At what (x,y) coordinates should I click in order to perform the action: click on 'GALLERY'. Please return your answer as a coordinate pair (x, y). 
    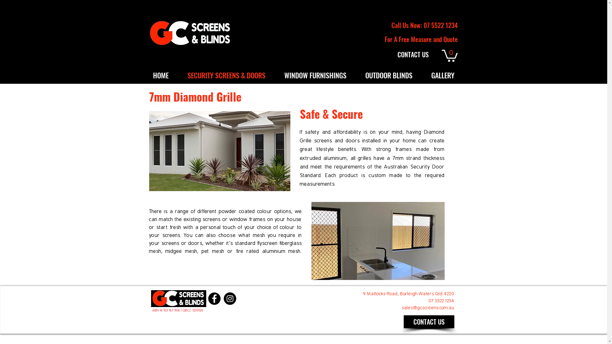
    Looking at the image, I should click on (422, 75).